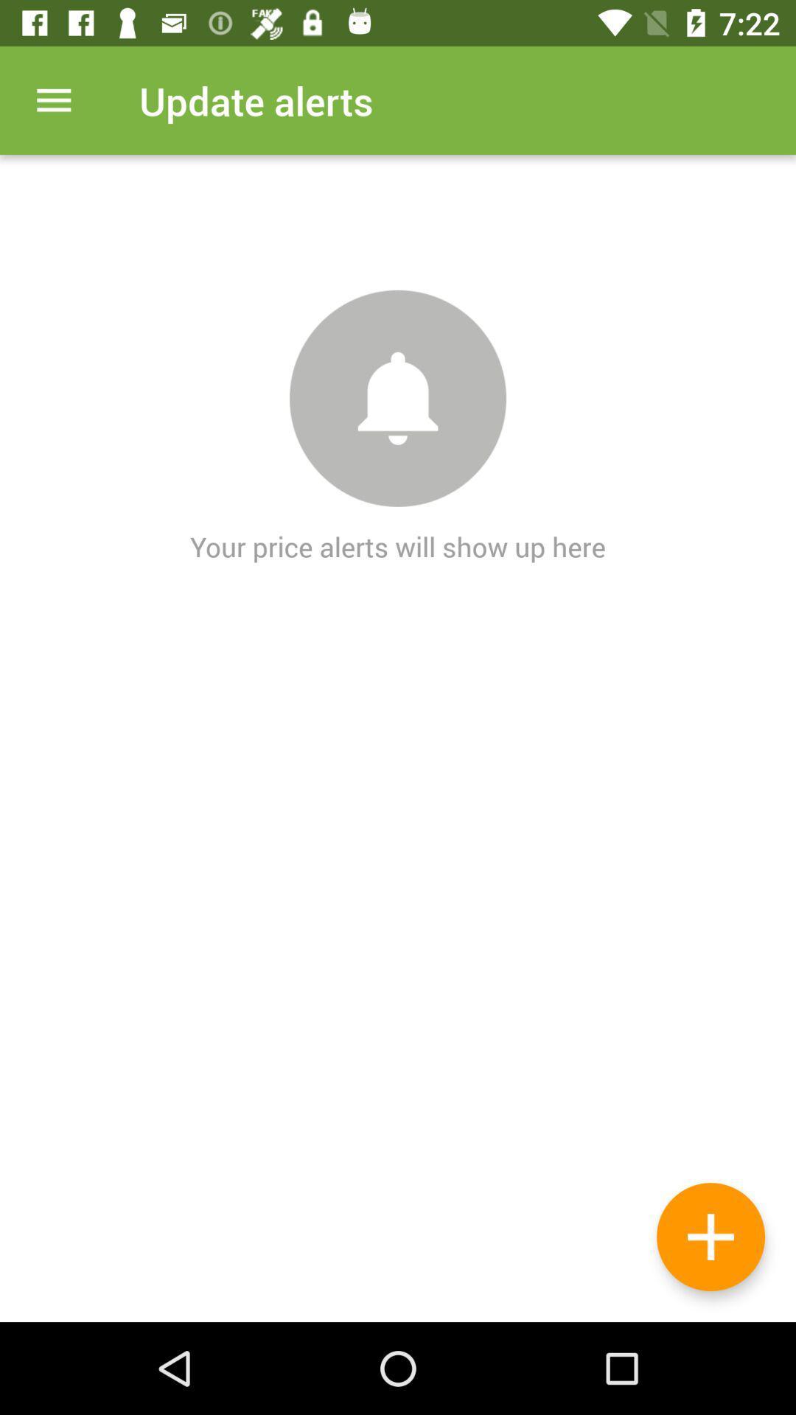 This screenshot has height=1415, width=796. I want to click on the item next to the update alerts, so click(53, 99).